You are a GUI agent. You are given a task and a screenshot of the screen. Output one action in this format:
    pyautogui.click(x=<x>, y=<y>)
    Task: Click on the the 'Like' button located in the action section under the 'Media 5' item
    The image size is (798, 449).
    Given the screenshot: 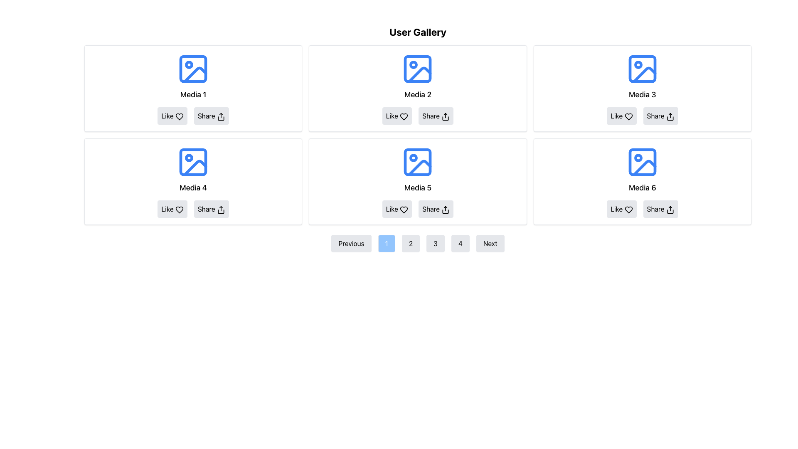 What is the action you would take?
    pyautogui.click(x=397, y=208)
    